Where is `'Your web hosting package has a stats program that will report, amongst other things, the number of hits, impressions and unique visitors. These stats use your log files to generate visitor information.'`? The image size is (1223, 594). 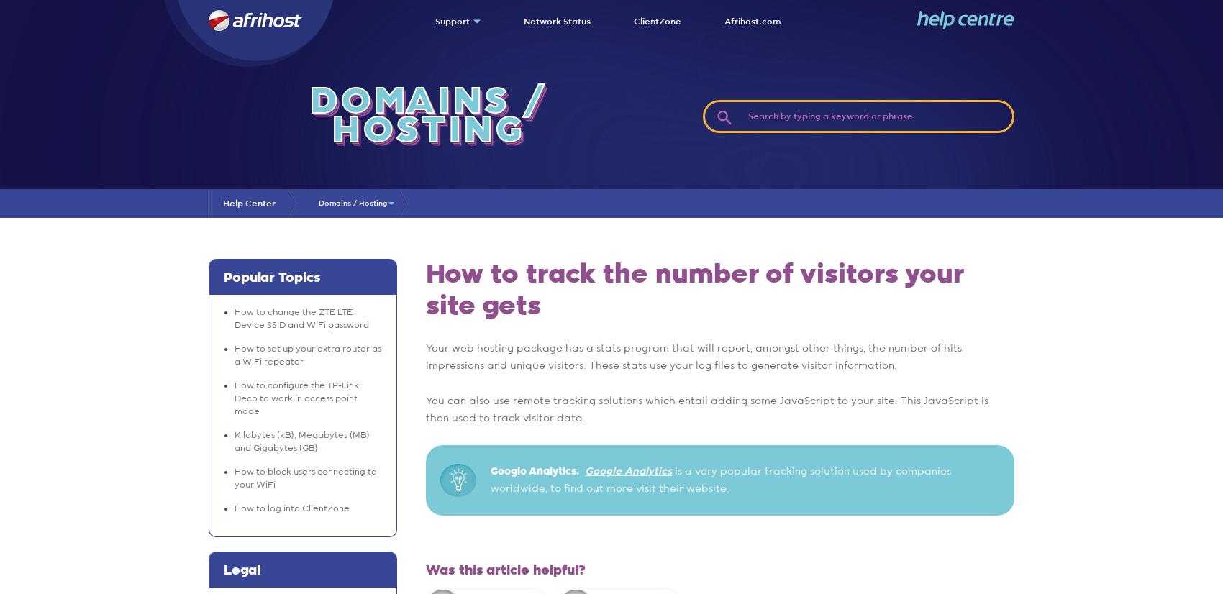
'Your web hosting package has a stats program that will report, amongst other things, the number of hits, impressions and unique visitors. These stats use your log files to generate visitor information.' is located at coordinates (694, 357).